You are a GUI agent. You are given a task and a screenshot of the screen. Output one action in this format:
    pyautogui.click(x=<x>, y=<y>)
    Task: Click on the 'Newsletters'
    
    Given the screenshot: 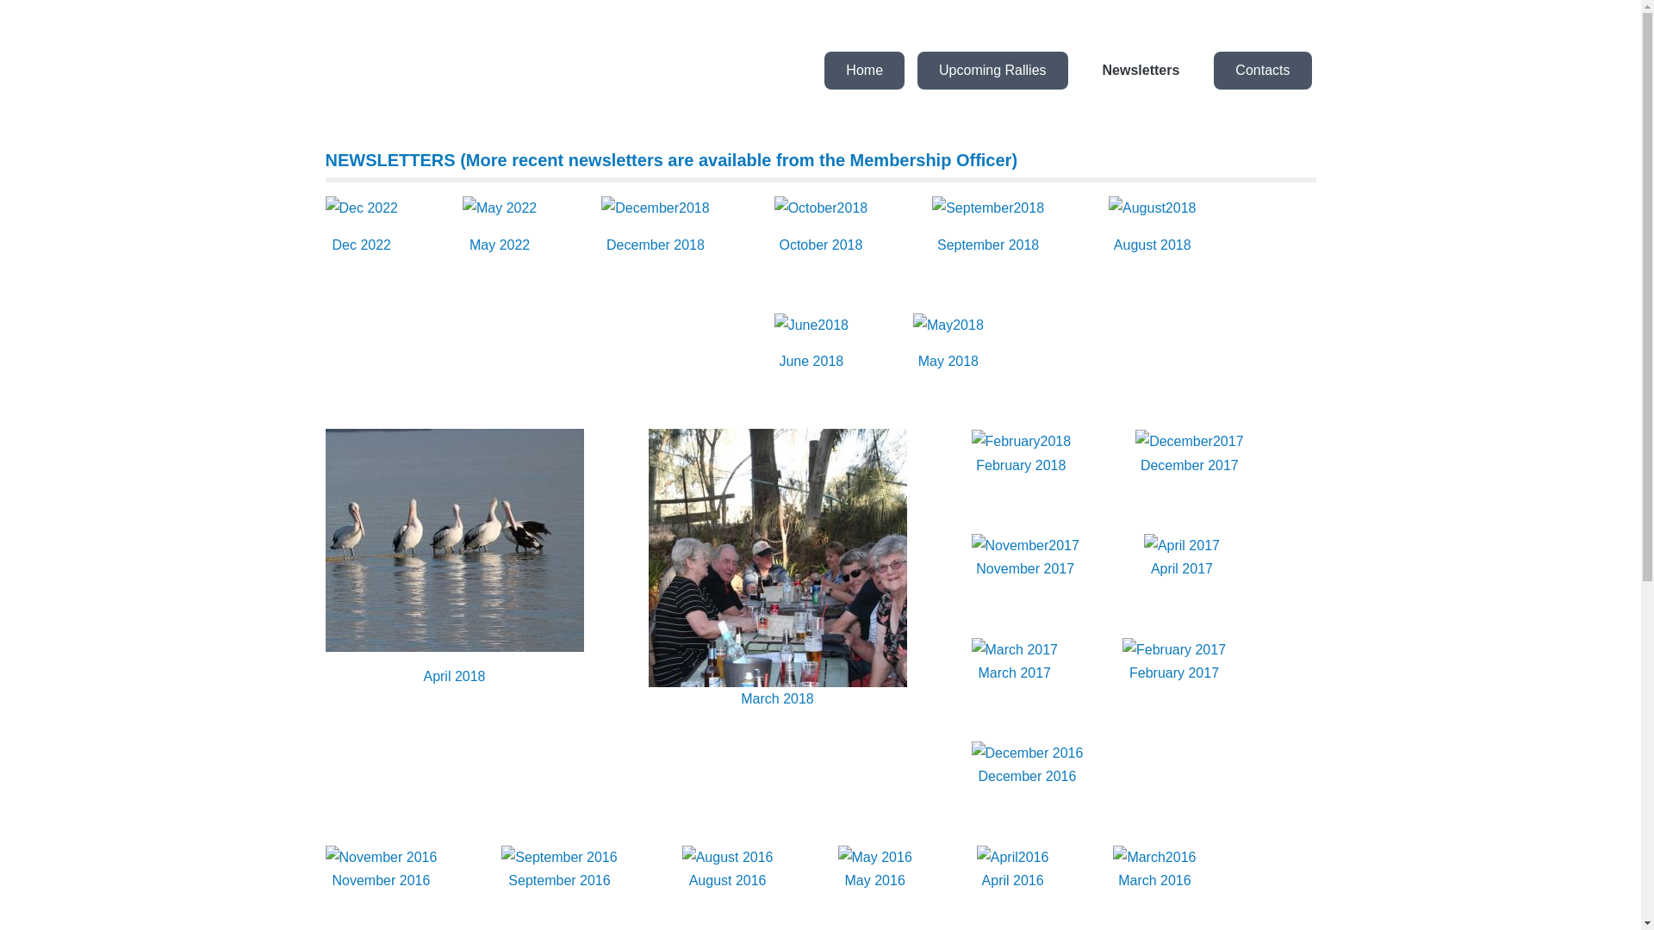 What is the action you would take?
    pyautogui.click(x=1141, y=69)
    